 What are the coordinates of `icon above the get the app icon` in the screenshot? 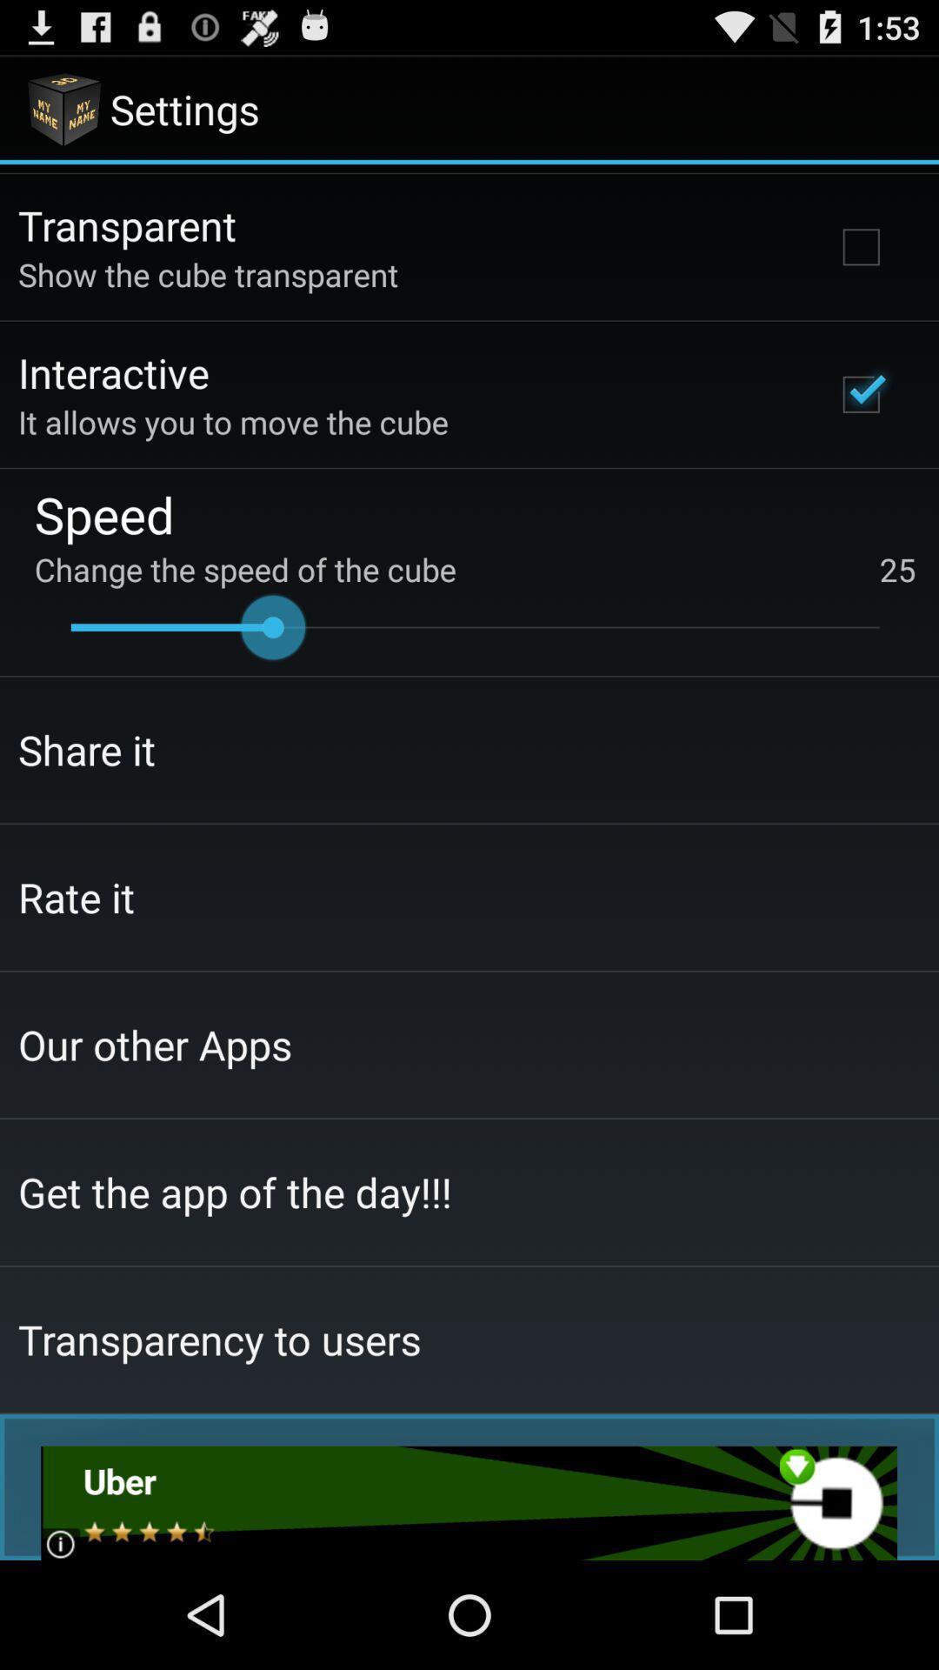 It's located at (154, 1044).